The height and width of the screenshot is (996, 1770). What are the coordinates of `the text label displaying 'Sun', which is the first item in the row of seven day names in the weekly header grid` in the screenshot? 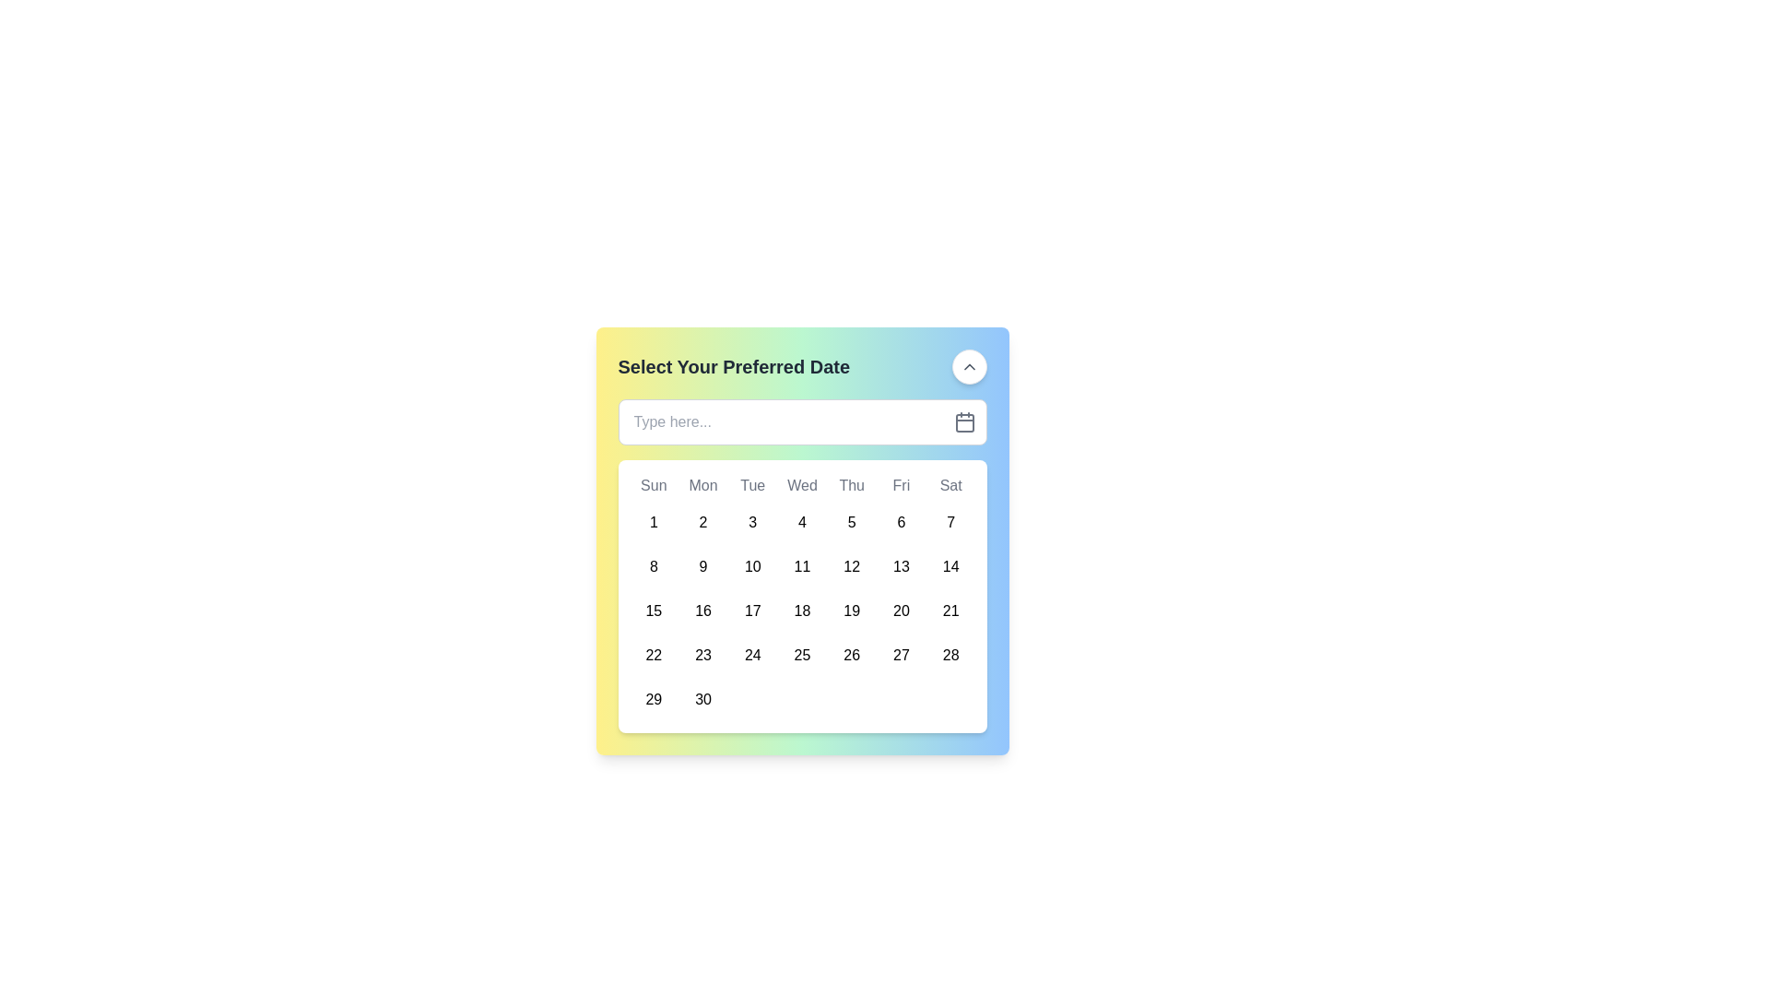 It's located at (654, 485).